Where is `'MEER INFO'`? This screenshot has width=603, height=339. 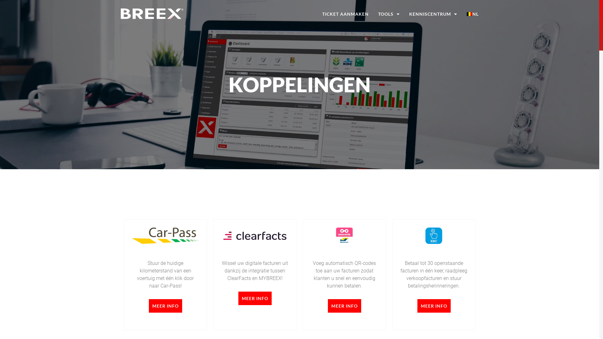 'MEER INFO' is located at coordinates (433, 305).